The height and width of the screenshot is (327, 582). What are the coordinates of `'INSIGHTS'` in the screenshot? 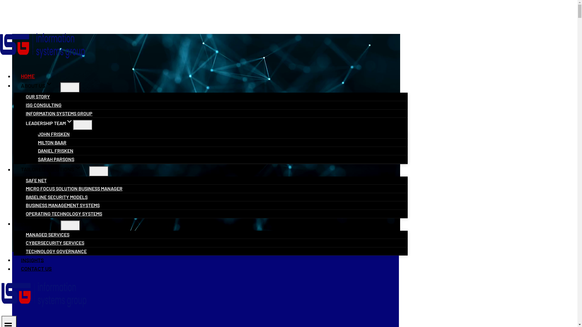 It's located at (32, 259).